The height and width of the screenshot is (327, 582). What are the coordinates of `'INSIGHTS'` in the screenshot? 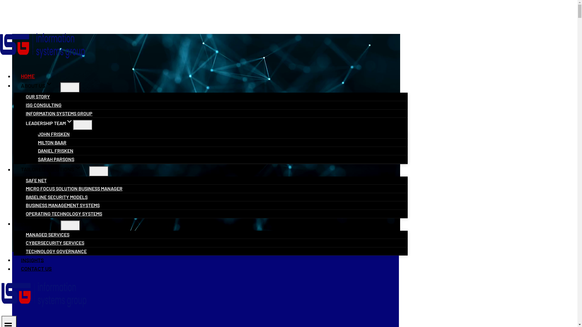 It's located at (32, 259).